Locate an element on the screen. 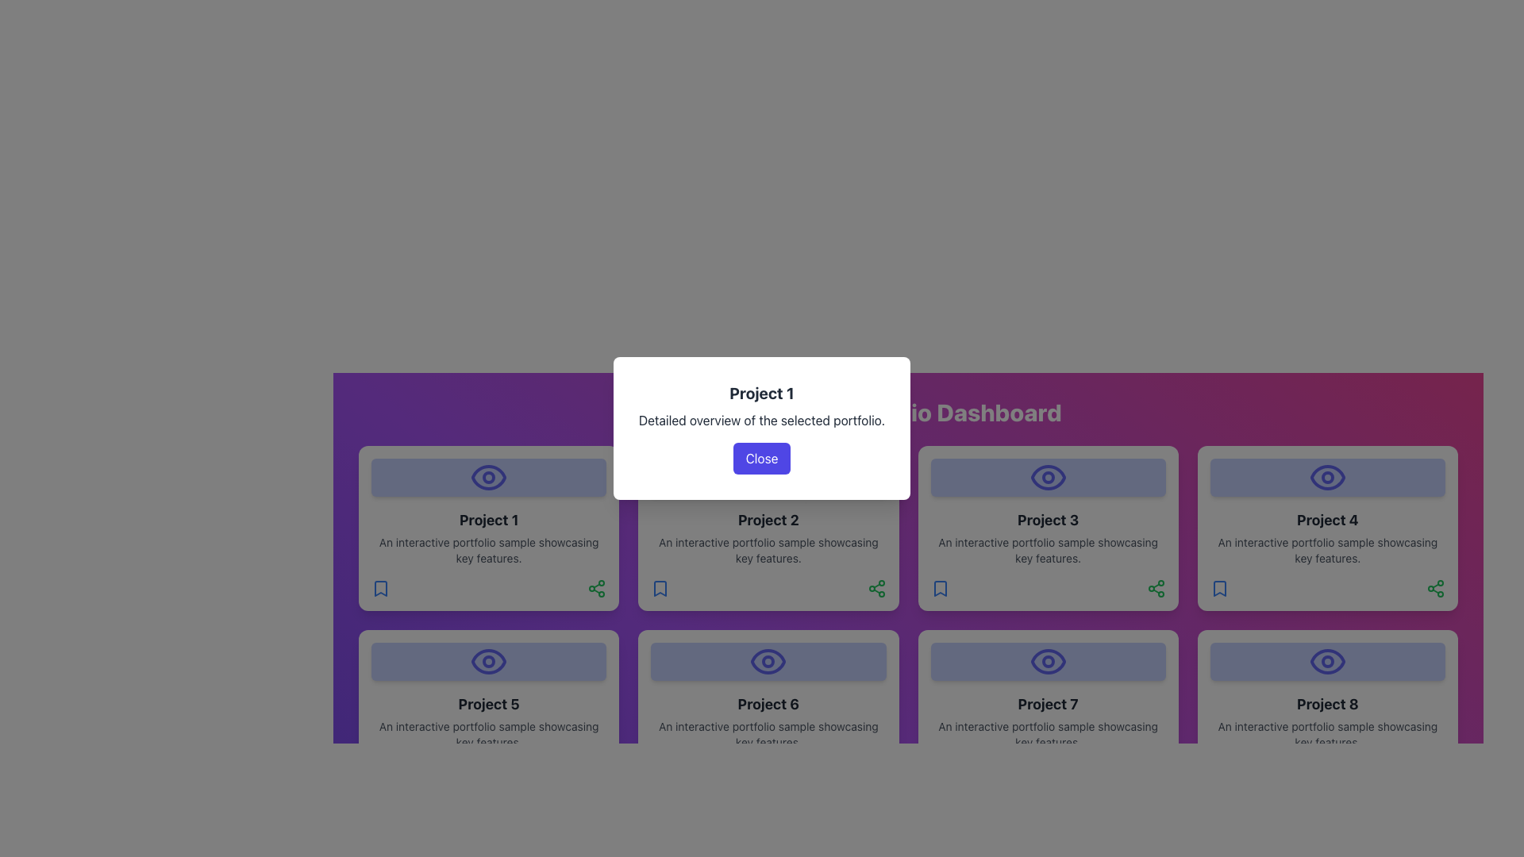  the circular graphic icon located at the center of the eye graphic in the 'Project 7' card, which is in the second row and third column of the grid layout is located at coordinates (1048, 661).